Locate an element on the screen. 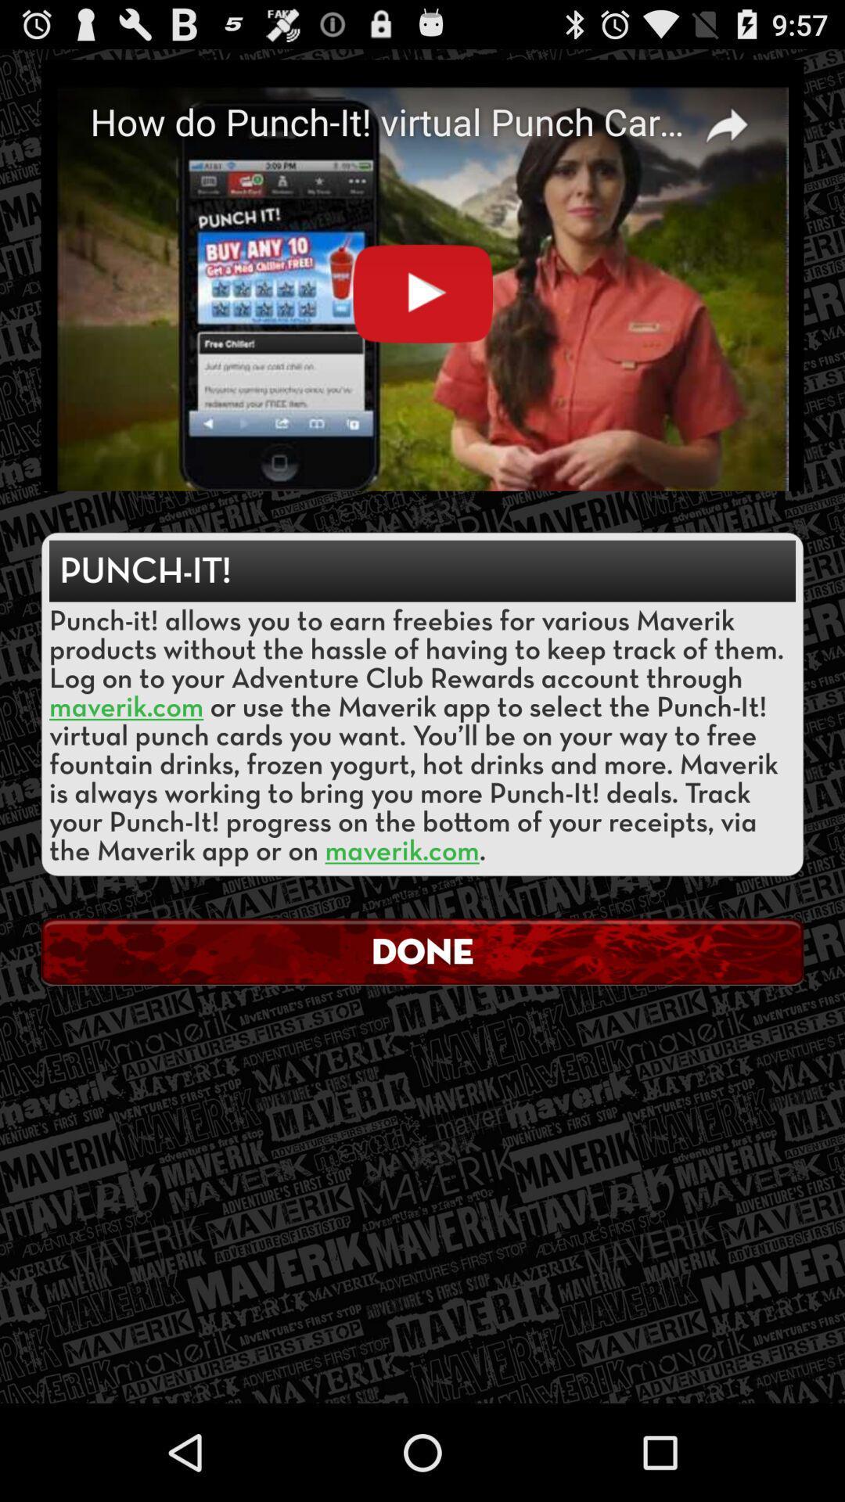  the item below punch it allows is located at coordinates (422, 950).